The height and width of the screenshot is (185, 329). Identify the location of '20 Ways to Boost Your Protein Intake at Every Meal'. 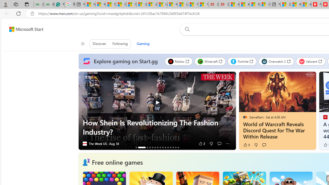
(285, 4).